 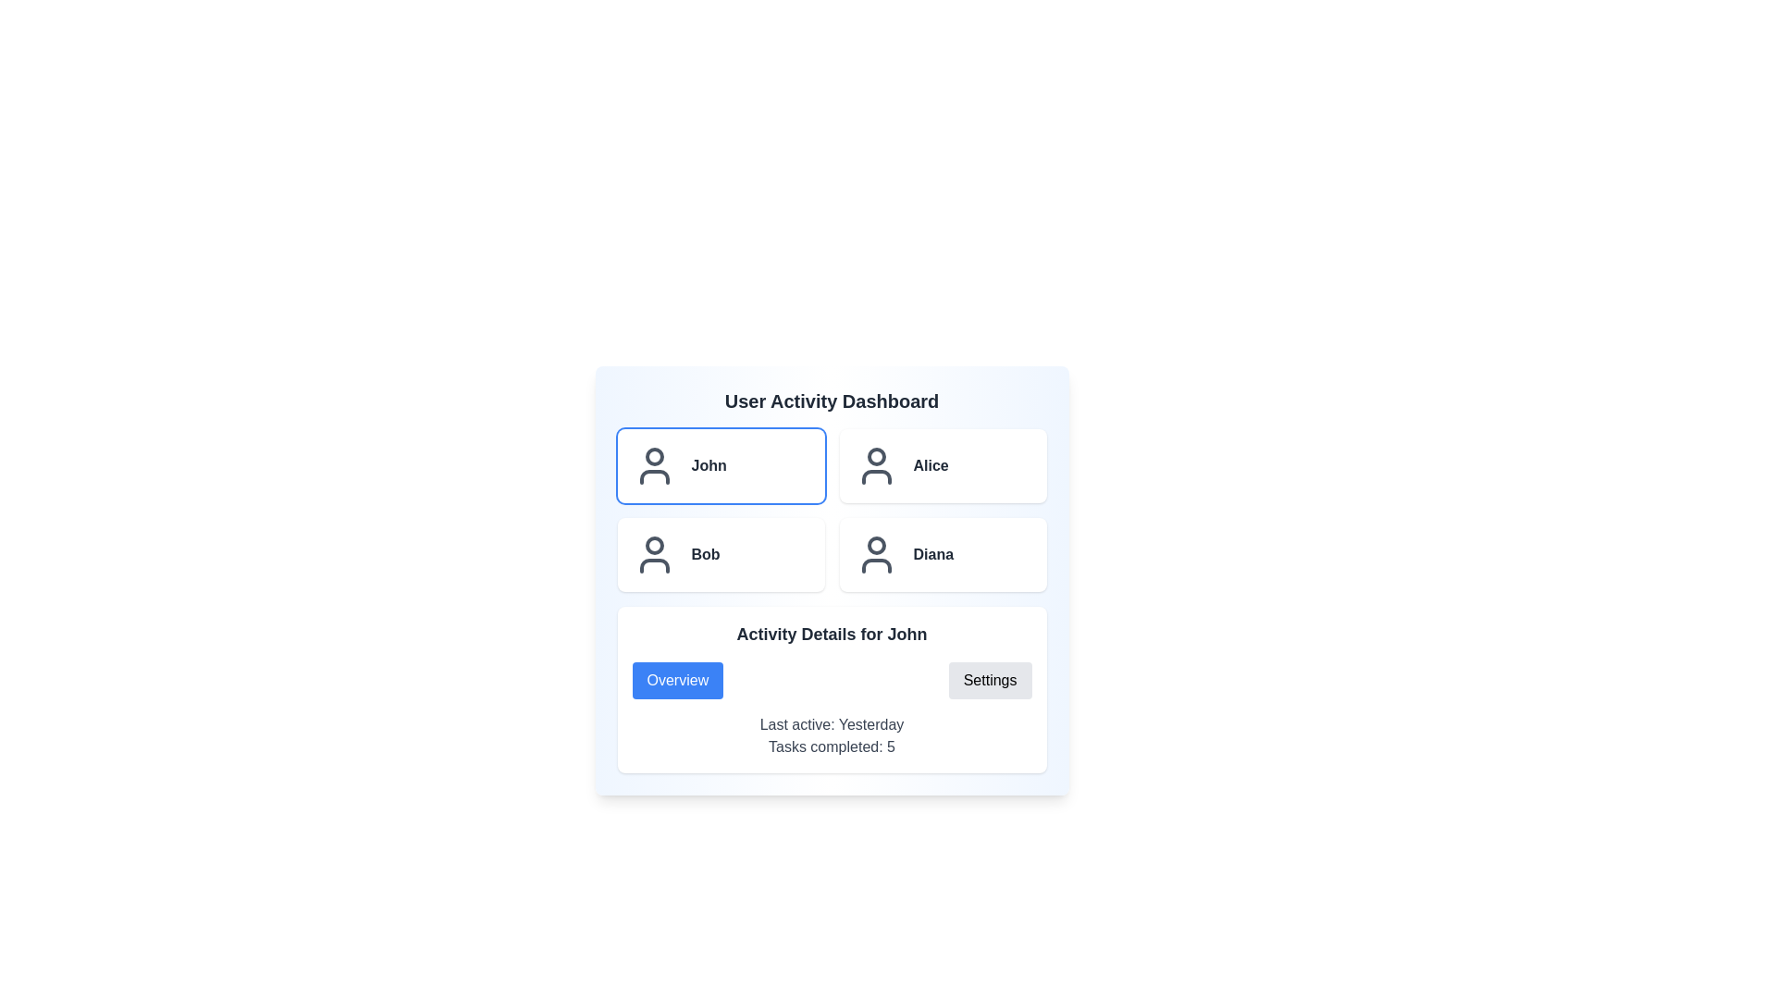 What do you see at coordinates (720, 554) in the screenshot?
I see `the user profile card labeled 'Bob' using keyboard navigation` at bounding box center [720, 554].